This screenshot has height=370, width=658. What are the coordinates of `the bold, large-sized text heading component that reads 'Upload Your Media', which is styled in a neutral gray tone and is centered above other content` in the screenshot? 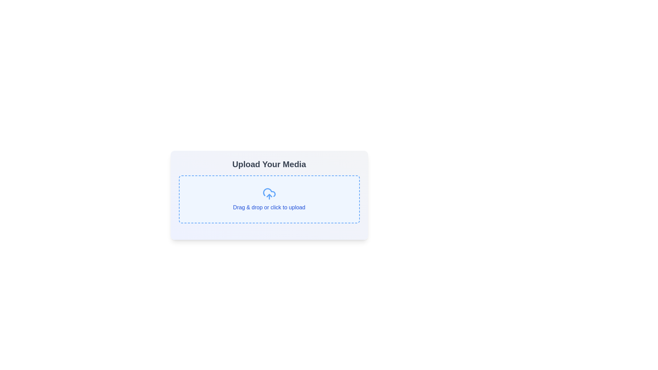 It's located at (269, 164).